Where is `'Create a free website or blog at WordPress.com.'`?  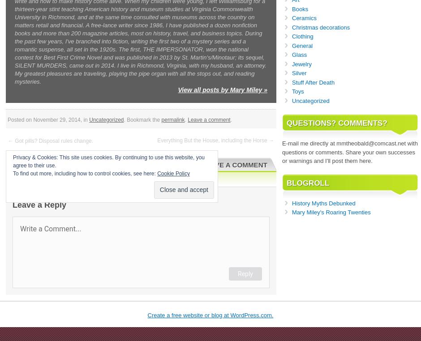
'Create a free website or blog at WordPress.com.' is located at coordinates (147, 315).